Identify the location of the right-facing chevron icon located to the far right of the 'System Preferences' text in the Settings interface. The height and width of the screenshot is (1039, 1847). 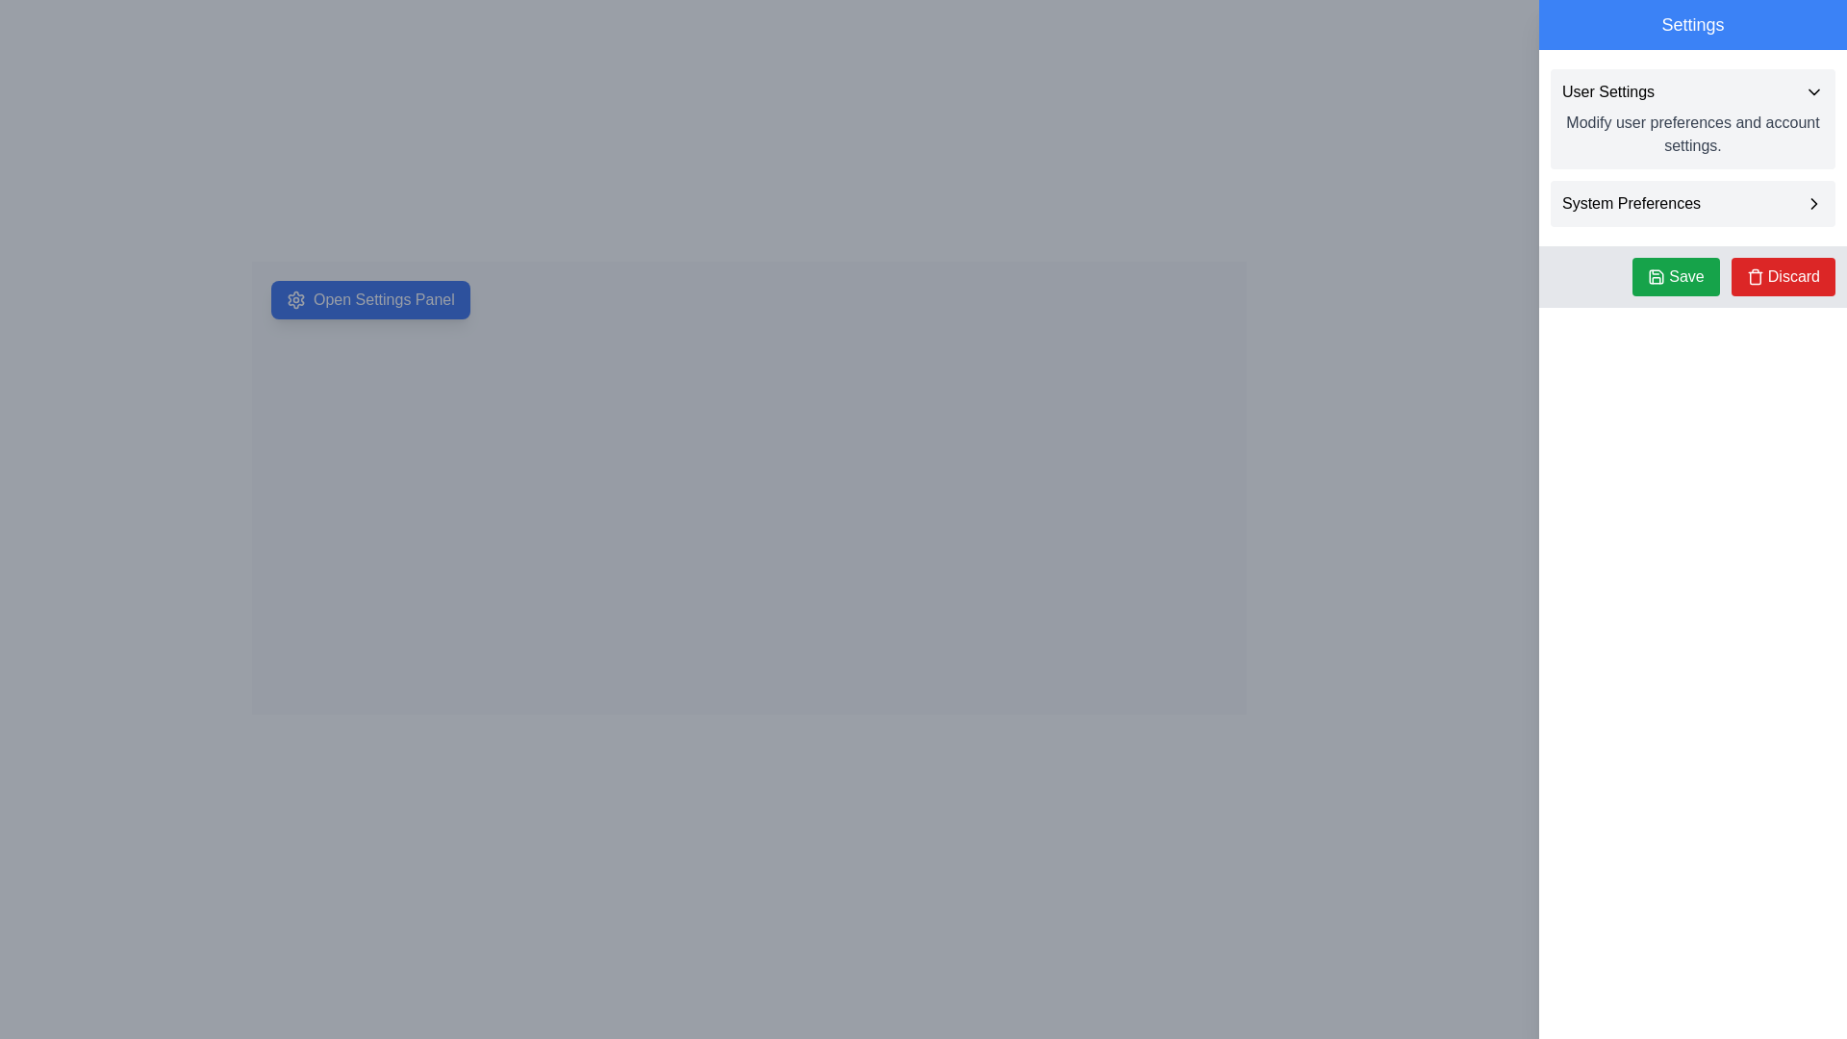
(1813, 204).